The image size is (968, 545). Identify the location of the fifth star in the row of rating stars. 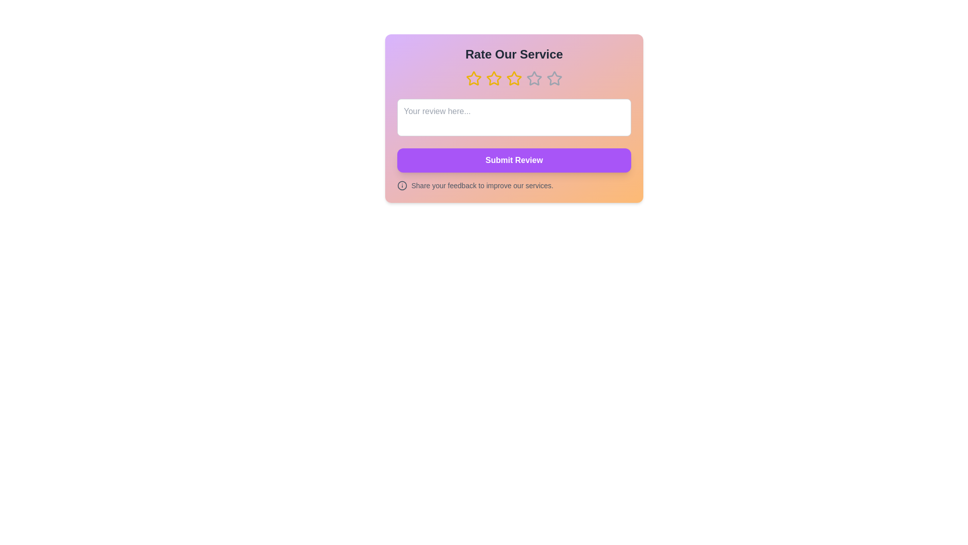
(554, 77).